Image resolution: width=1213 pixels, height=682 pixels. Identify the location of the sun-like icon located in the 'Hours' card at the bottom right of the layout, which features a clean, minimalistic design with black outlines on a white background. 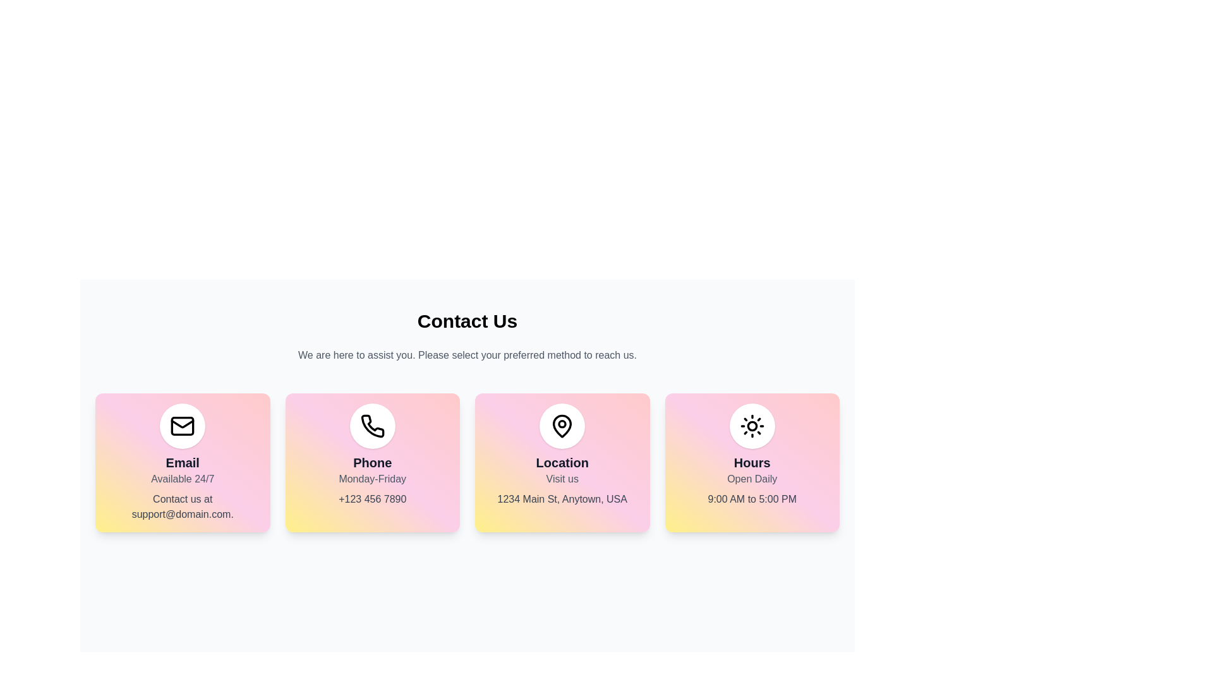
(752, 426).